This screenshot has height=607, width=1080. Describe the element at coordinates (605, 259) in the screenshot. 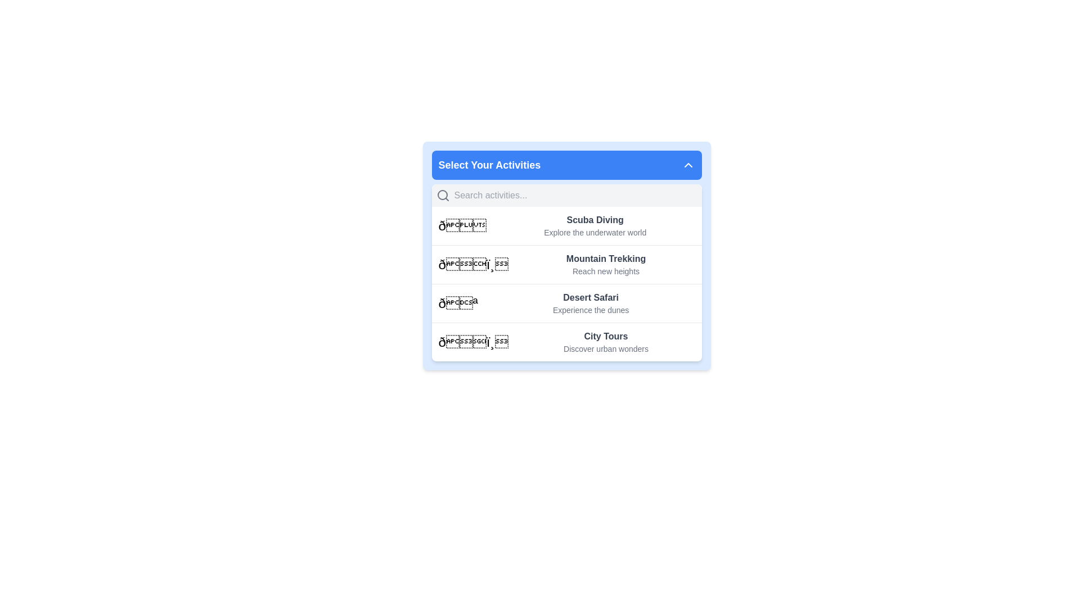

I see `the text label that reads 'Mountain Trekking' to trigger any related tooltip or style change` at that location.